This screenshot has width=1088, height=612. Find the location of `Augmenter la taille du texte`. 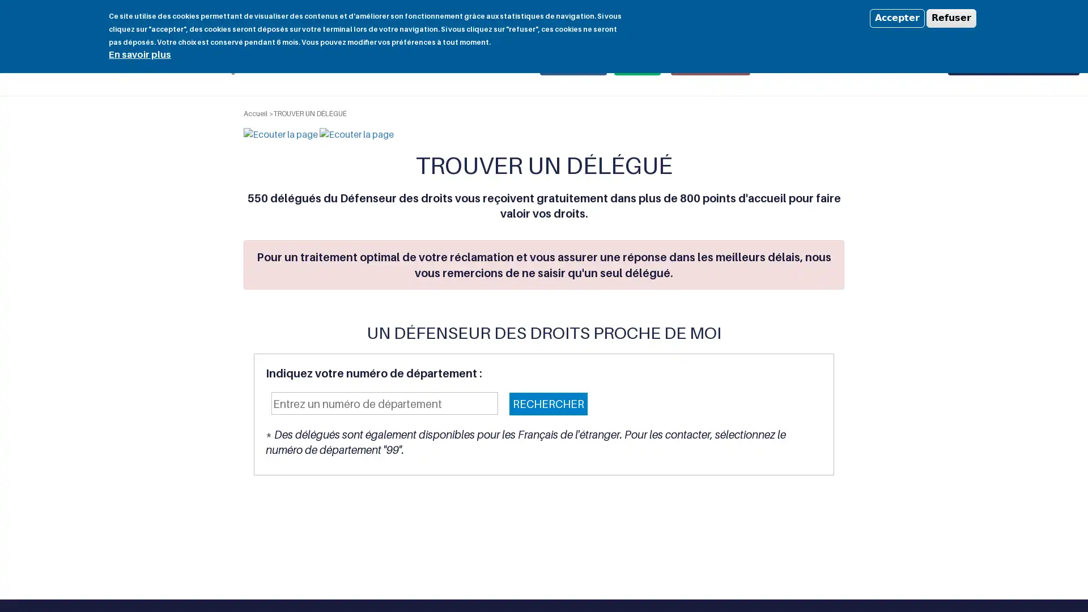

Augmenter la taille du texte is located at coordinates (949, 18).